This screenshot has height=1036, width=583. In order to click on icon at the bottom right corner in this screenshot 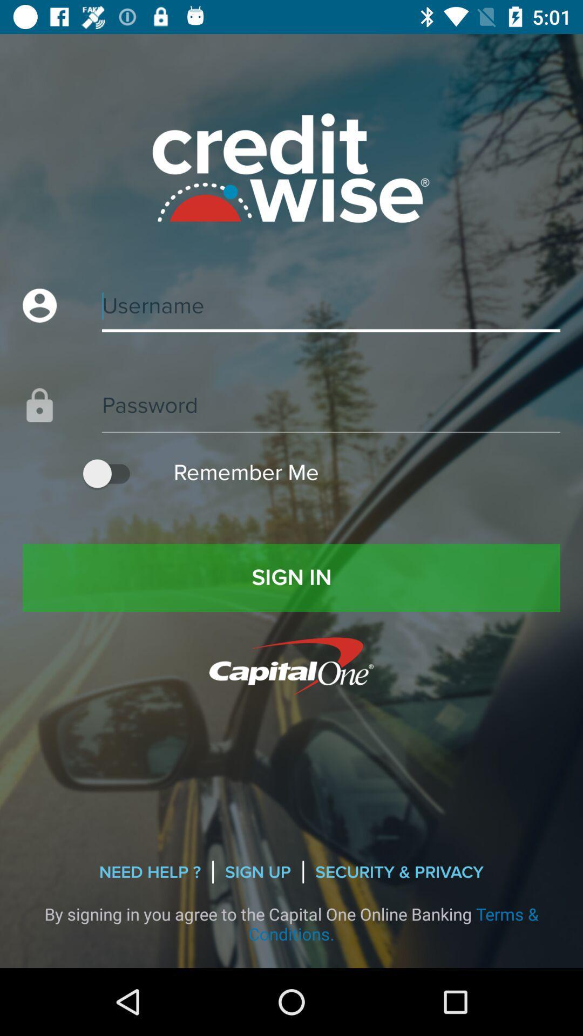, I will do `click(399, 872)`.